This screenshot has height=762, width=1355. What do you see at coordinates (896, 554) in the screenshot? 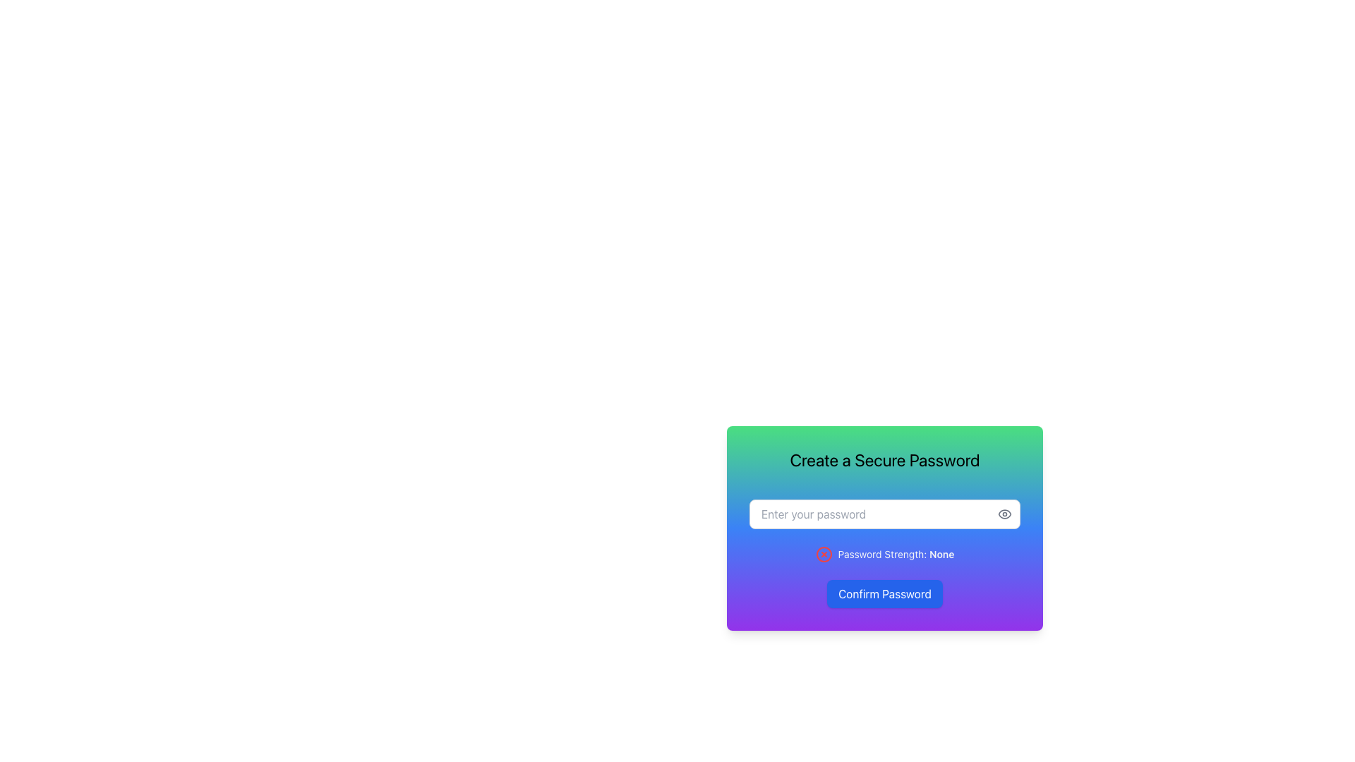
I see `the password strength indicator label located to the right and slightly below the 'Enter your password' input field, which updates dynamically based on the strength of the entered password` at bounding box center [896, 554].